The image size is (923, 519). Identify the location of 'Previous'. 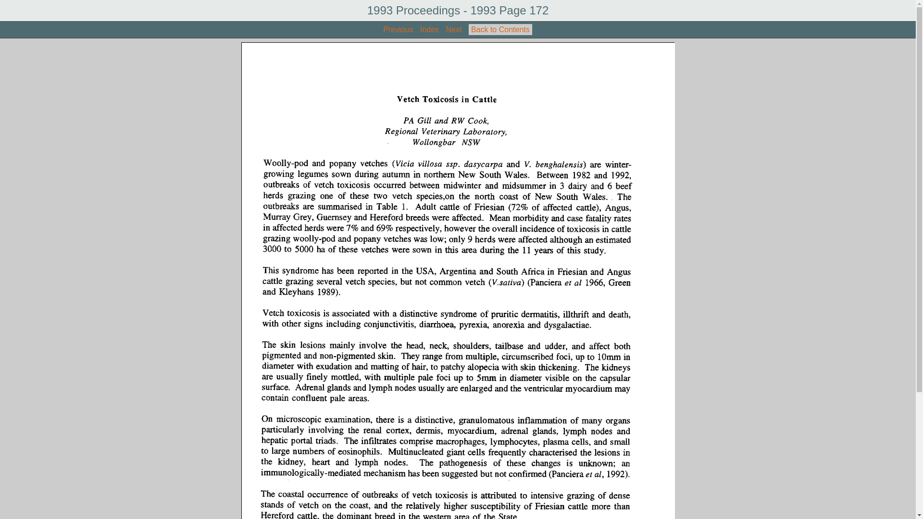
(398, 29).